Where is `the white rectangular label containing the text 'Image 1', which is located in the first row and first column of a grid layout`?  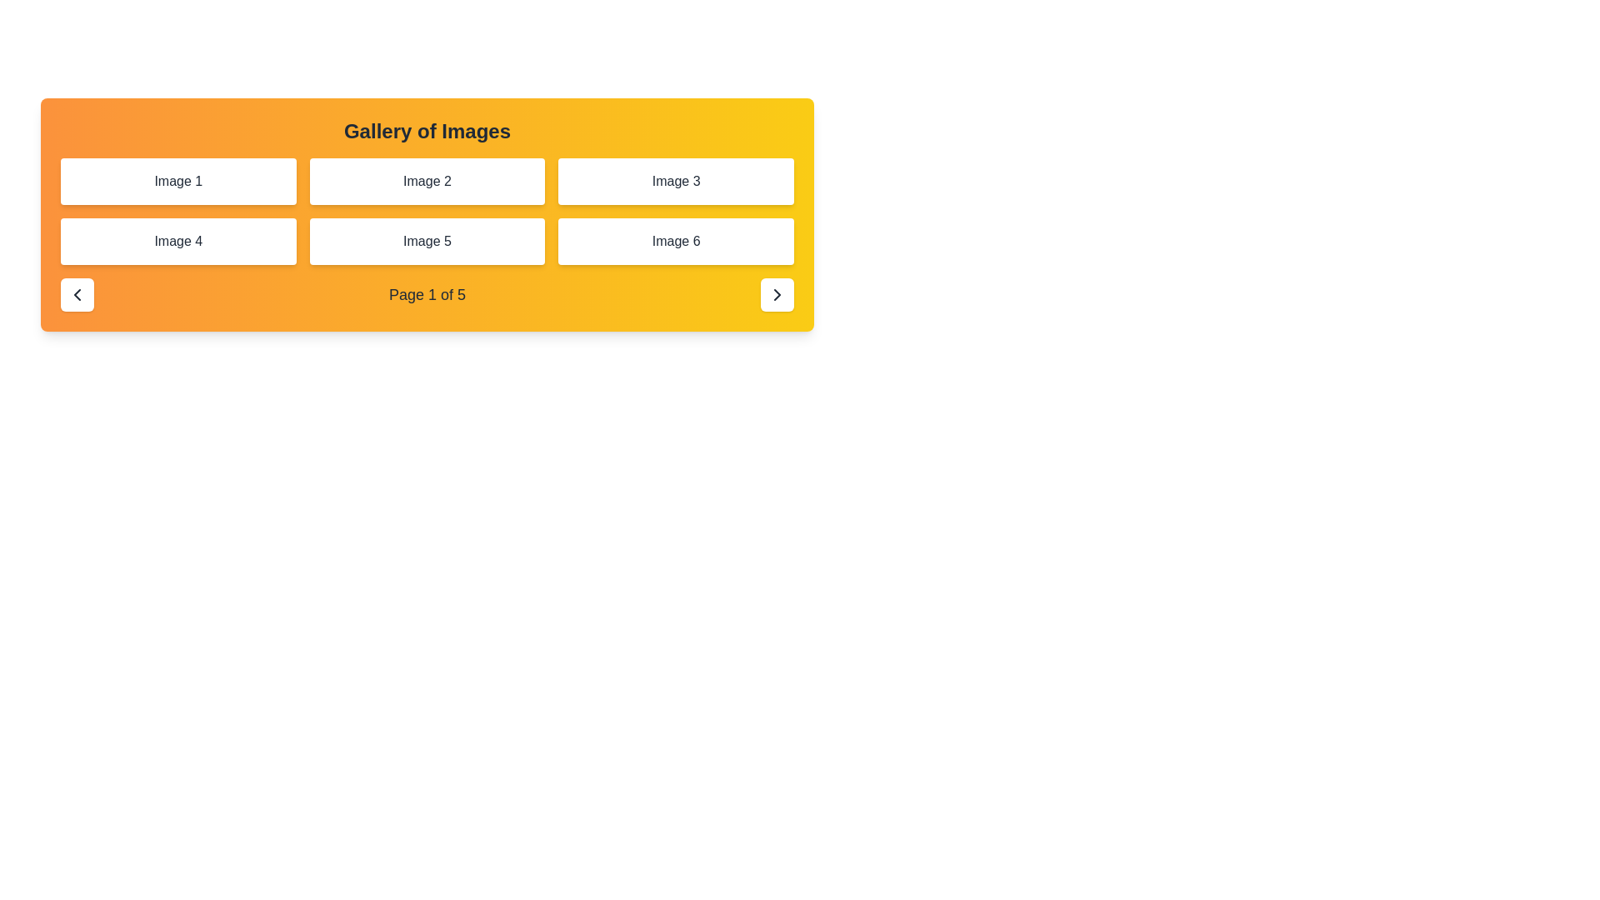
the white rectangular label containing the text 'Image 1', which is located in the first row and first column of a grid layout is located at coordinates (178, 182).